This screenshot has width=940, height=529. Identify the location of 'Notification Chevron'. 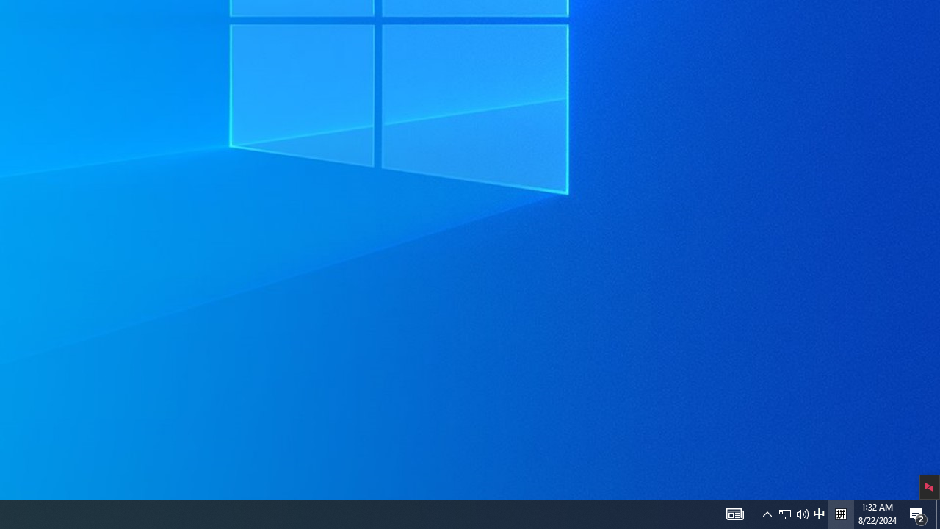
(767, 513).